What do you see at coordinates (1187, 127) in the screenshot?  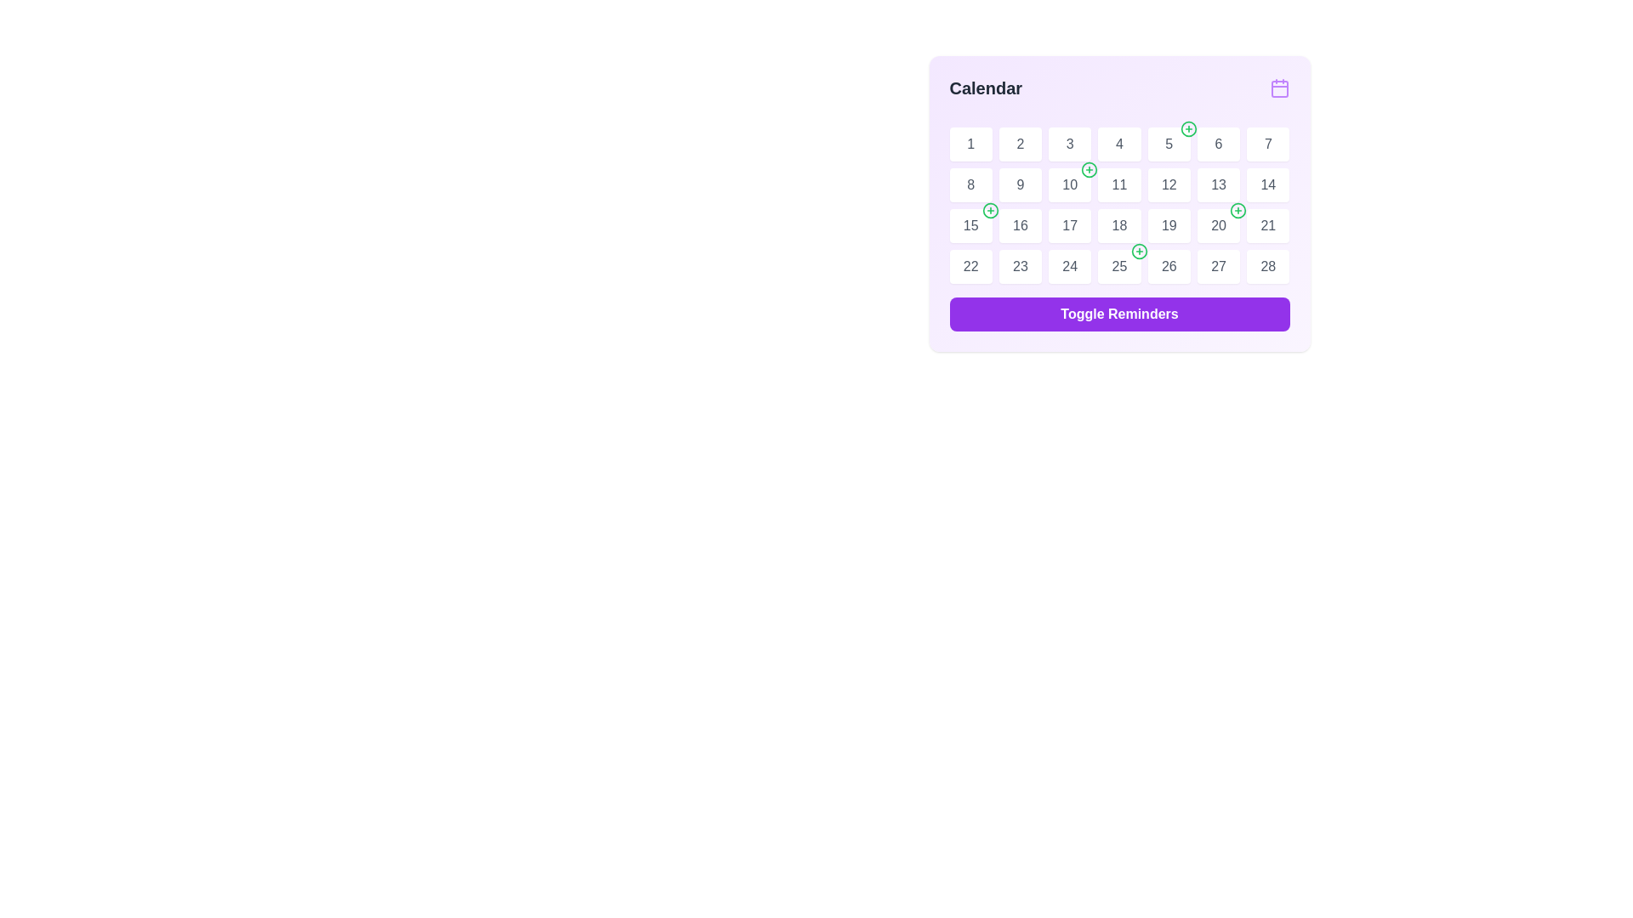 I see `the green circular add icon with a plus symbol located in the calendar grid for the date 5` at bounding box center [1187, 127].